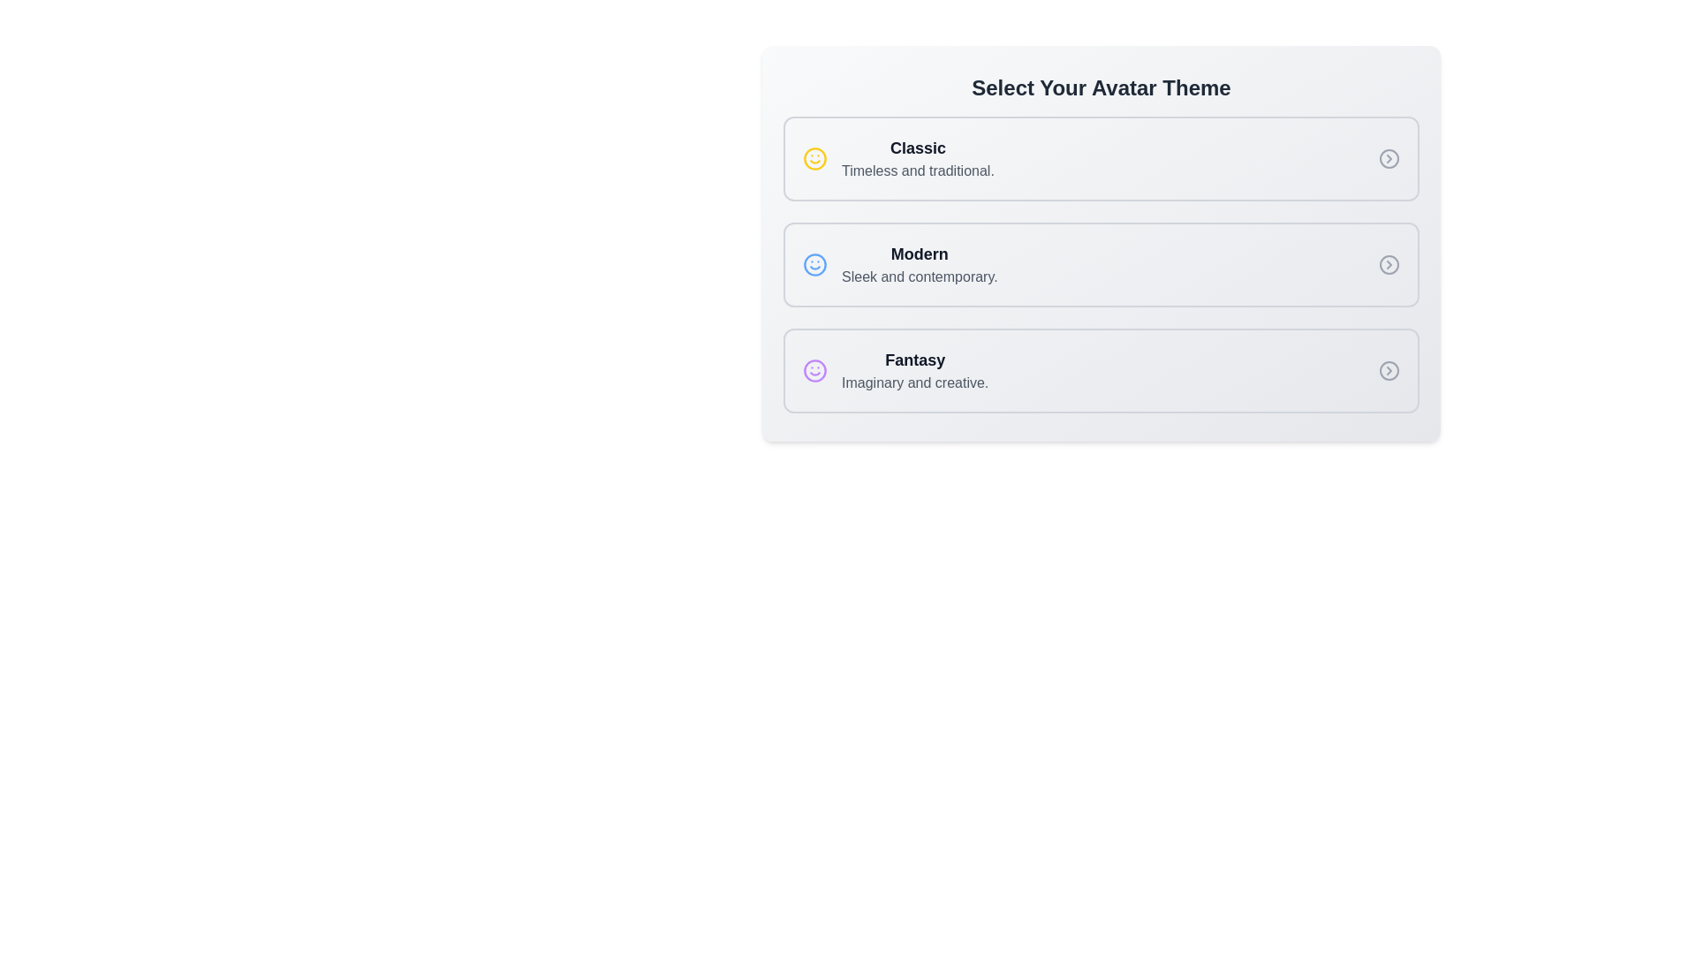 The height and width of the screenshot is (954, 1696). Describe the element at coordinates (1101, 265) in the screenshot. I see `the second selection box` at that location.